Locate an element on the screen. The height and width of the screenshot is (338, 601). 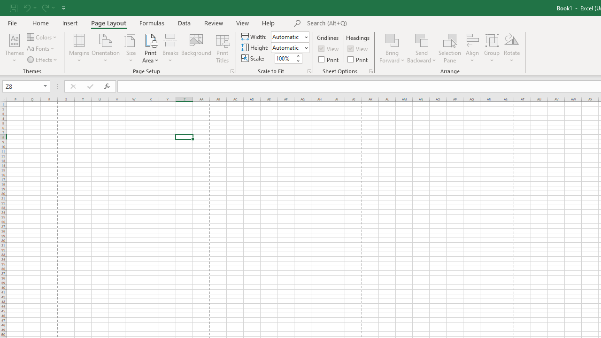
'Group' is located at coordinates (491, 48).